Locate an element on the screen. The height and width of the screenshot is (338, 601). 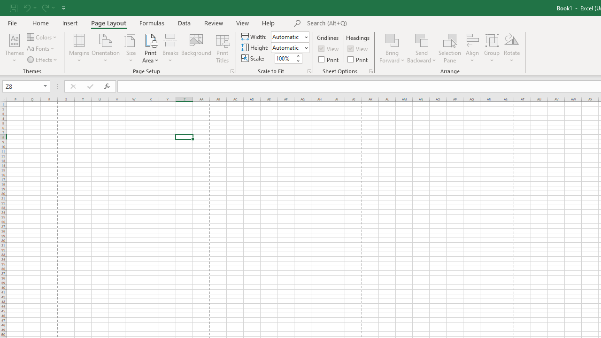
'Group' is located at coordinates (491, 48).